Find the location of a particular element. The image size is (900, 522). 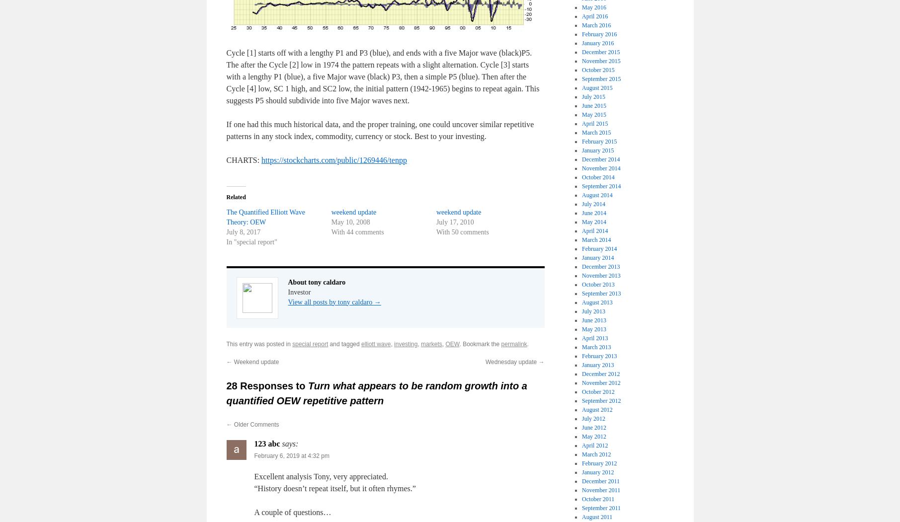

'April 2014' is located at coordinates (594, 230).